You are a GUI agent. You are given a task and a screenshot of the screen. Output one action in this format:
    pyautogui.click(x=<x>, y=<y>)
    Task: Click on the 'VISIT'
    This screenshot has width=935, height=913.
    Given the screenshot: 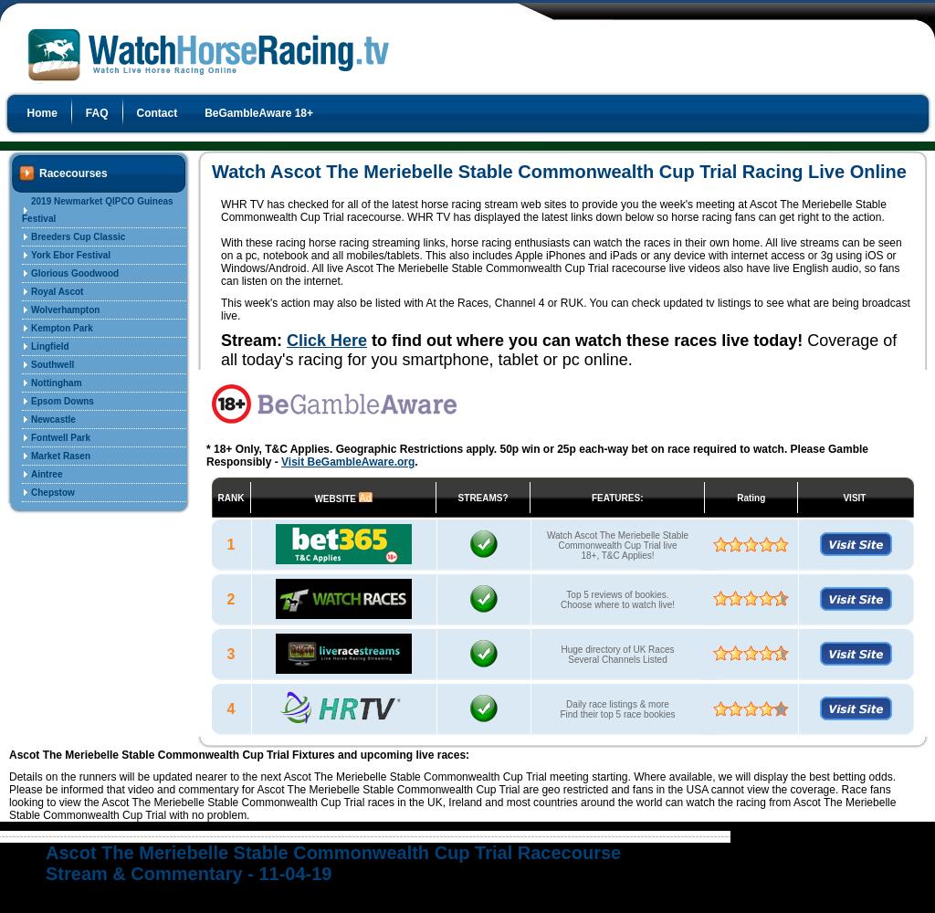 What is the action you would take?
    pyautogui.click(x=853, y=497)
    